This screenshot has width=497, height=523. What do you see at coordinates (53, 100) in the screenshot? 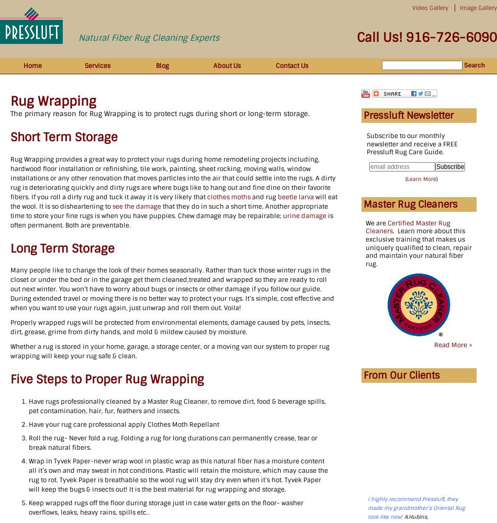
I see `'Rug Wrapping'` at bounding box center [53, 100].